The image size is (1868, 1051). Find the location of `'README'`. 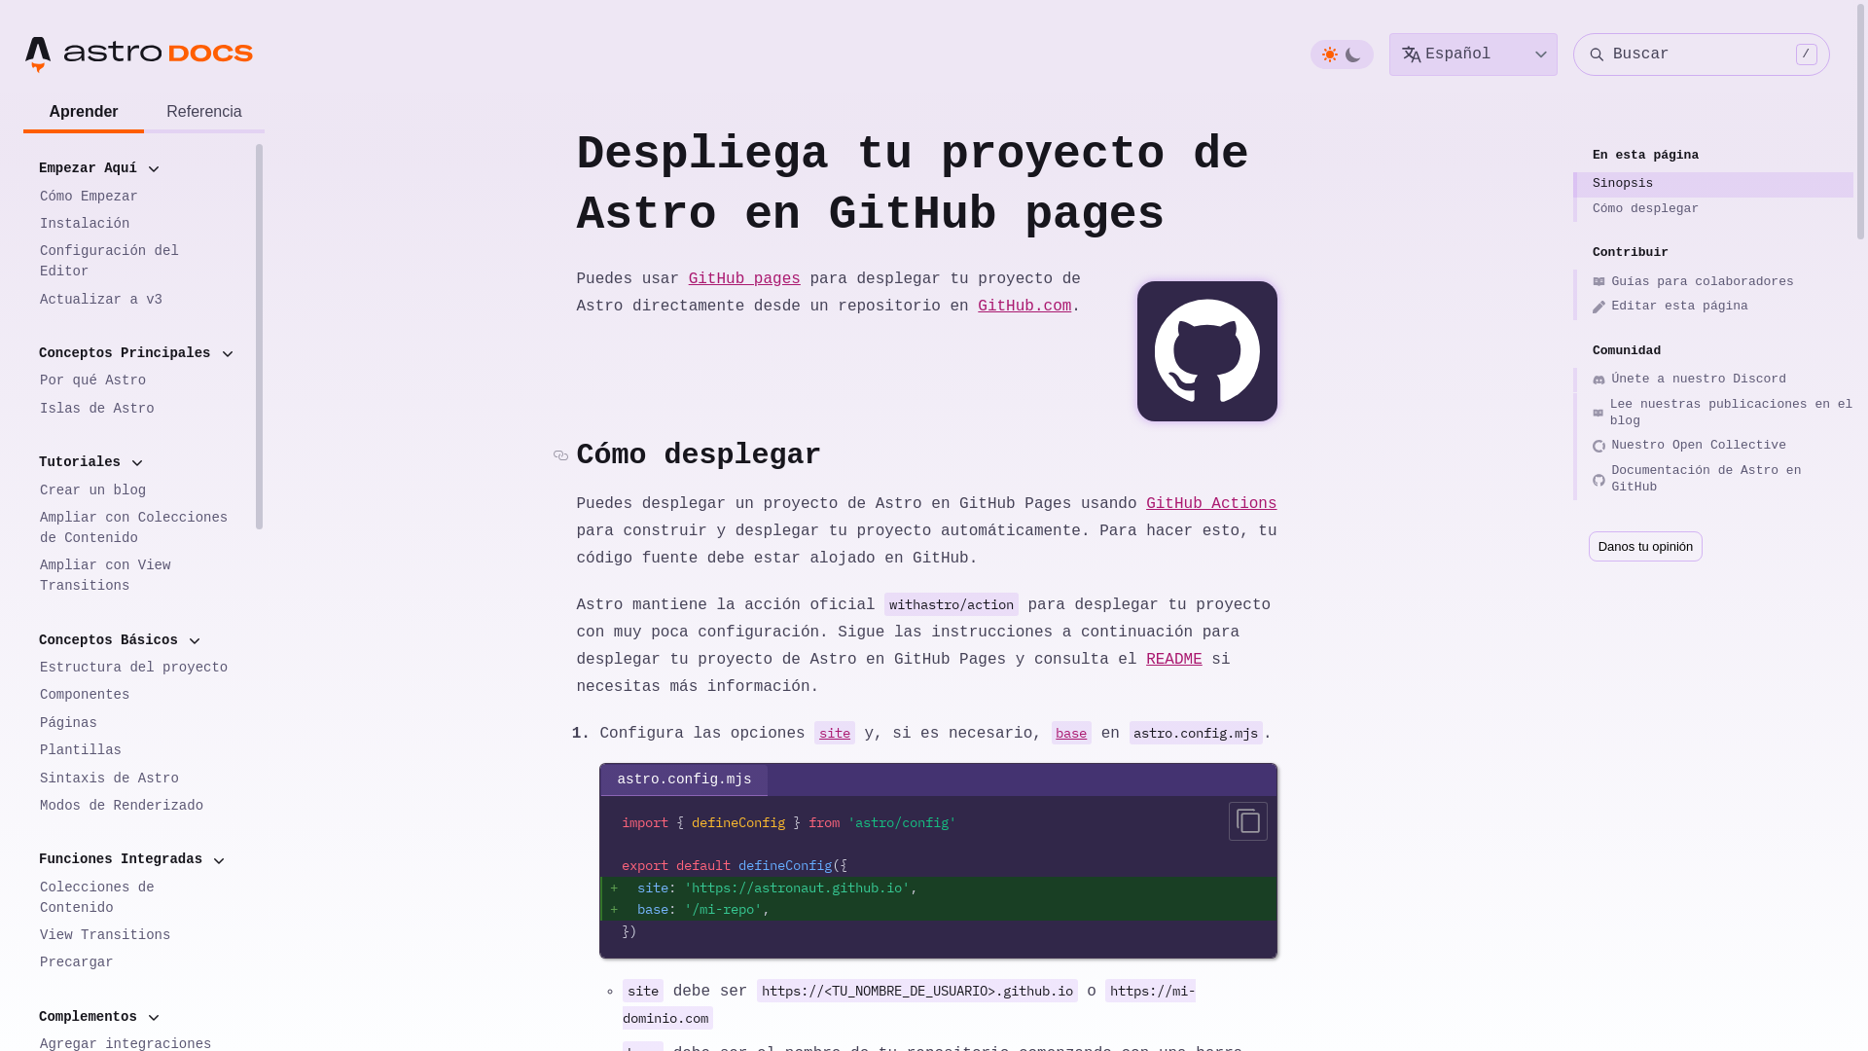

'README' is located at coordinates (1172, 659).